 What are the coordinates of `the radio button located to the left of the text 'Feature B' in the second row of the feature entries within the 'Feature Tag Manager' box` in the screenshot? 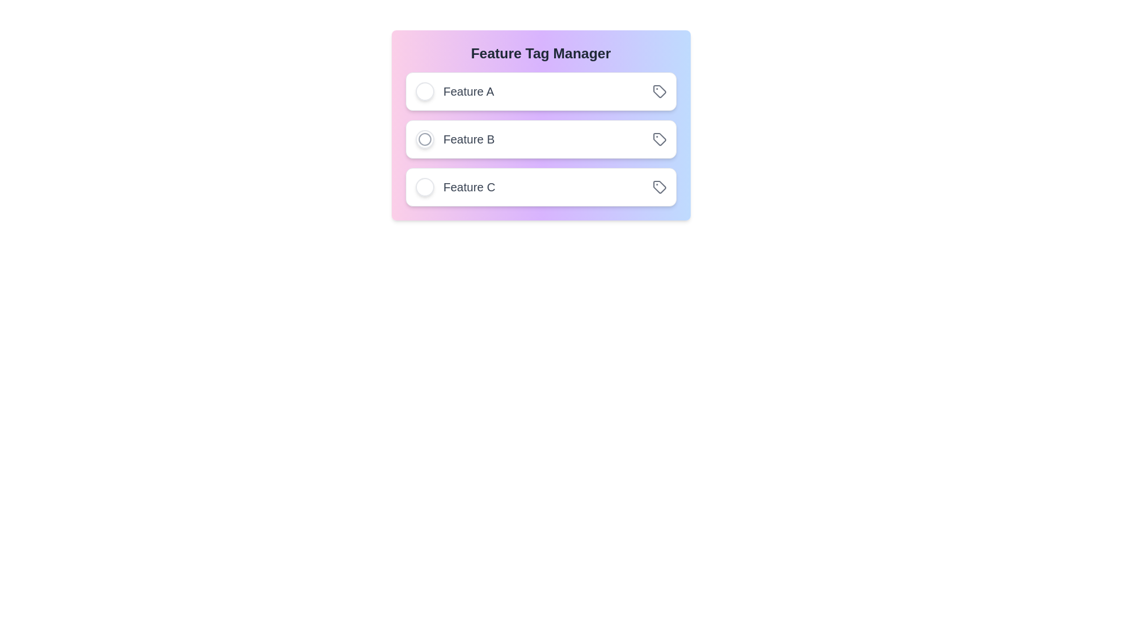 It's located at (424, 139).